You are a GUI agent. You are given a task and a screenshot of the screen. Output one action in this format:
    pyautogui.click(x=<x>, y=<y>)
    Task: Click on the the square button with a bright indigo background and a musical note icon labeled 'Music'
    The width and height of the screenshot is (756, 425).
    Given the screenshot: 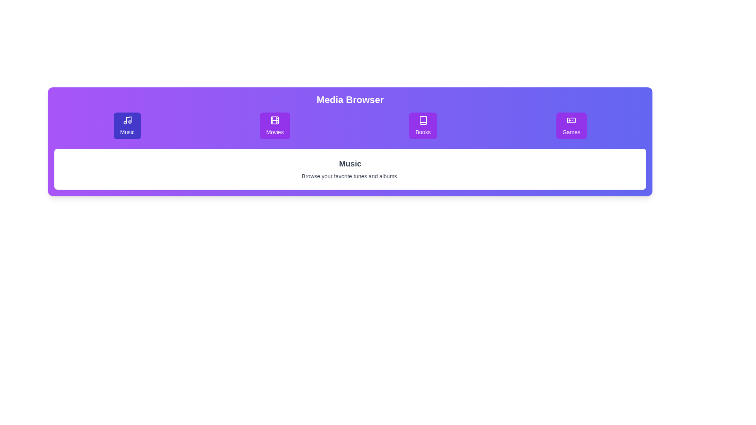 What is the action you would take?
    pyautogui.click(x=127, y=126)
    